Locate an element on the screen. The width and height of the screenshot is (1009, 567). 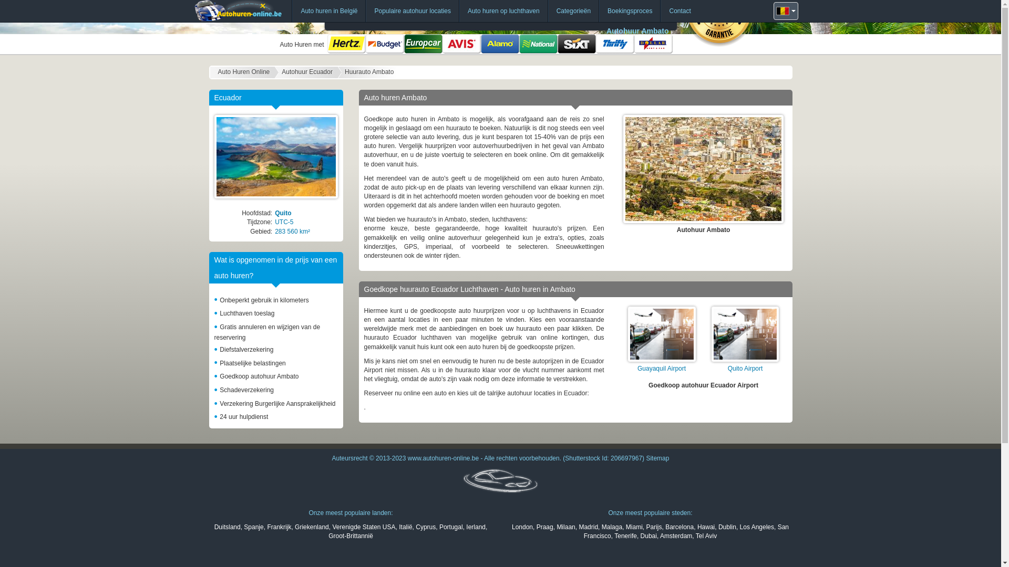
'Sitemap' is located at coordinates (657, 457).